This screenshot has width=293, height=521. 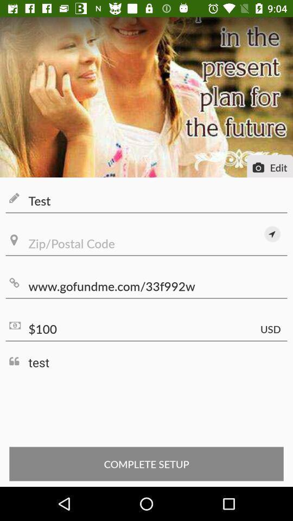 What do you see at coordinates (146, 328) in the screenshot?
I see `the item above test item` at bounding box center [146, 328].